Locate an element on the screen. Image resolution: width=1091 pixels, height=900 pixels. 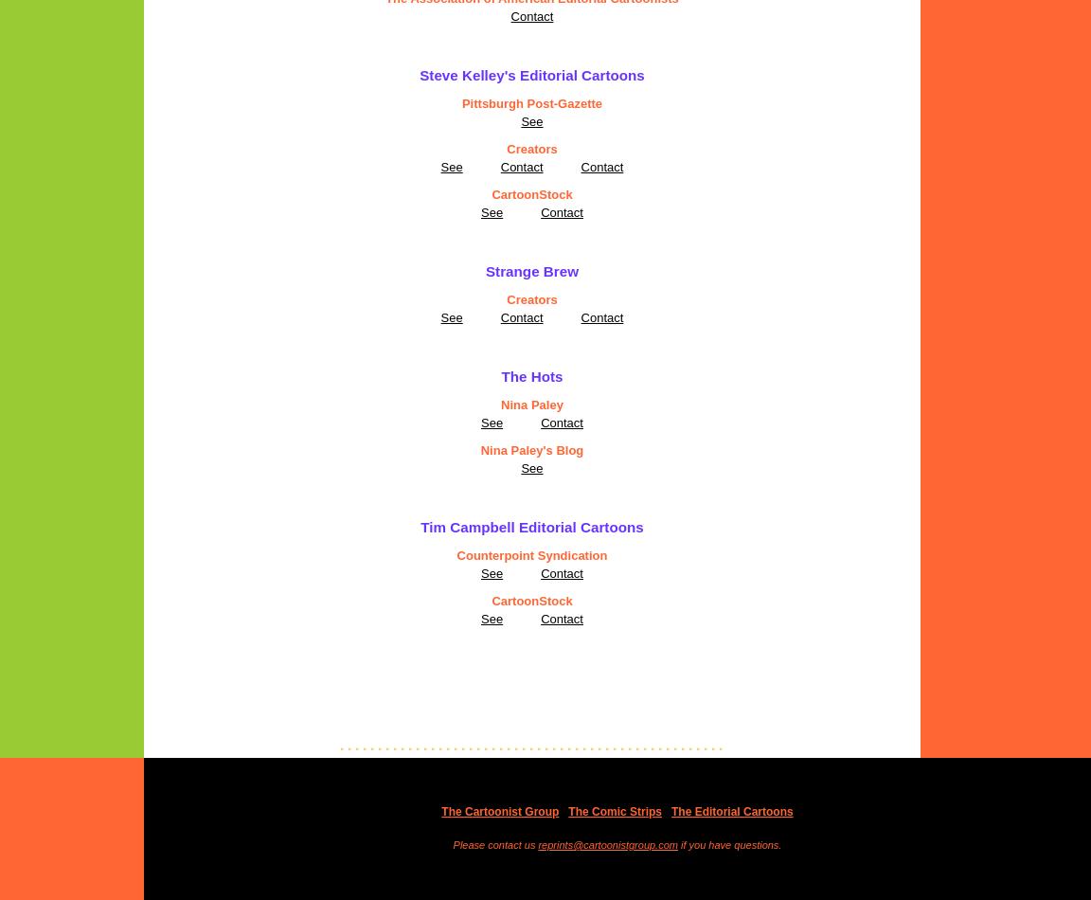
'The Comic Strips' is located at coordinates (566, 810).